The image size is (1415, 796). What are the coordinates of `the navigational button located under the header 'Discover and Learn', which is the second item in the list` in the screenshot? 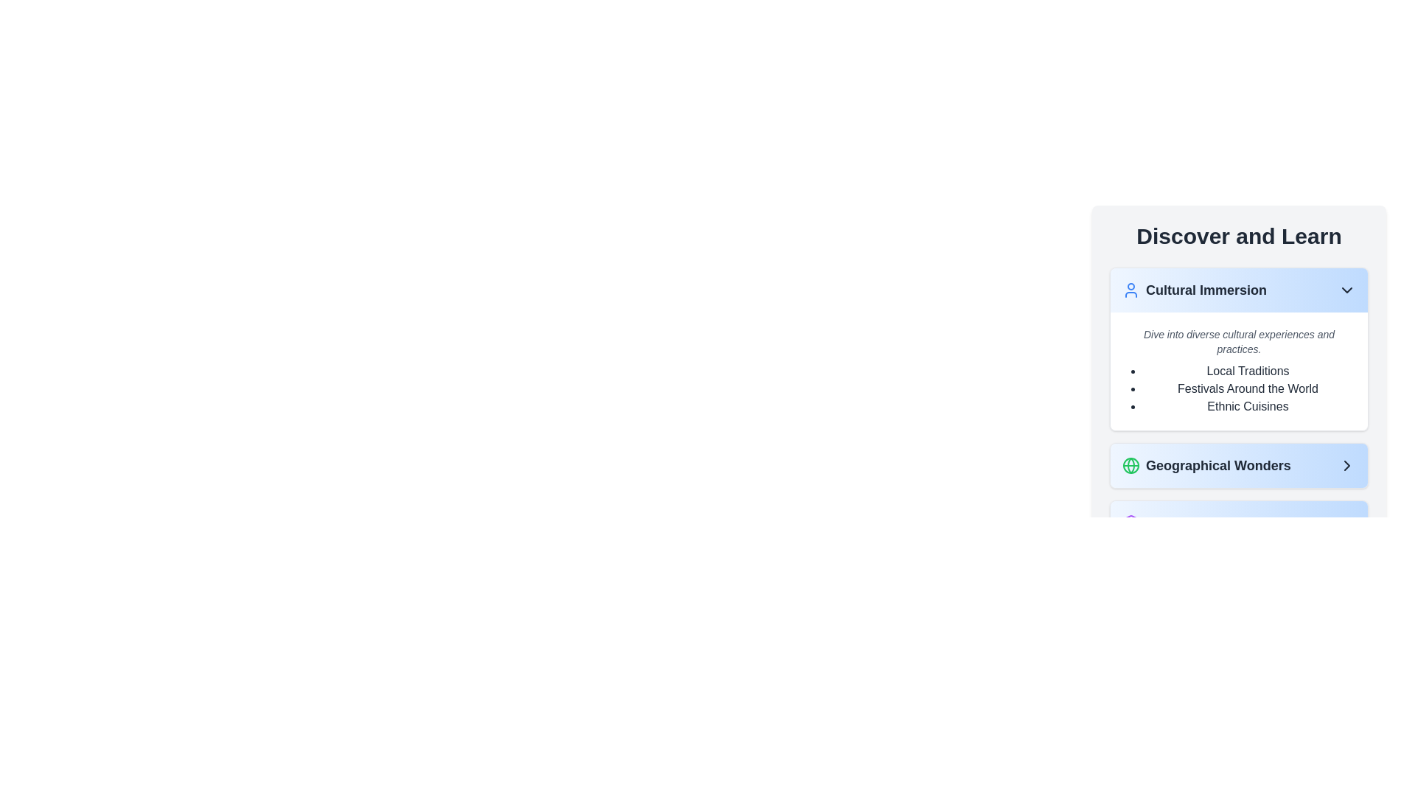 It's located at (1238, 466).